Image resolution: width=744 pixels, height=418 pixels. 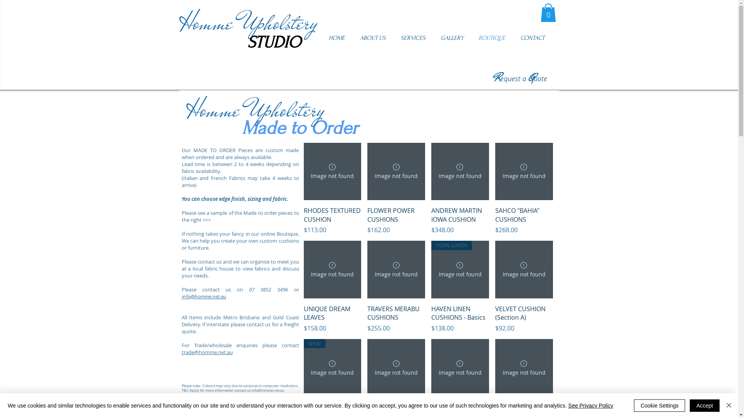 I want to click on 'See Privacy Policy', so click(x=591, y=405).